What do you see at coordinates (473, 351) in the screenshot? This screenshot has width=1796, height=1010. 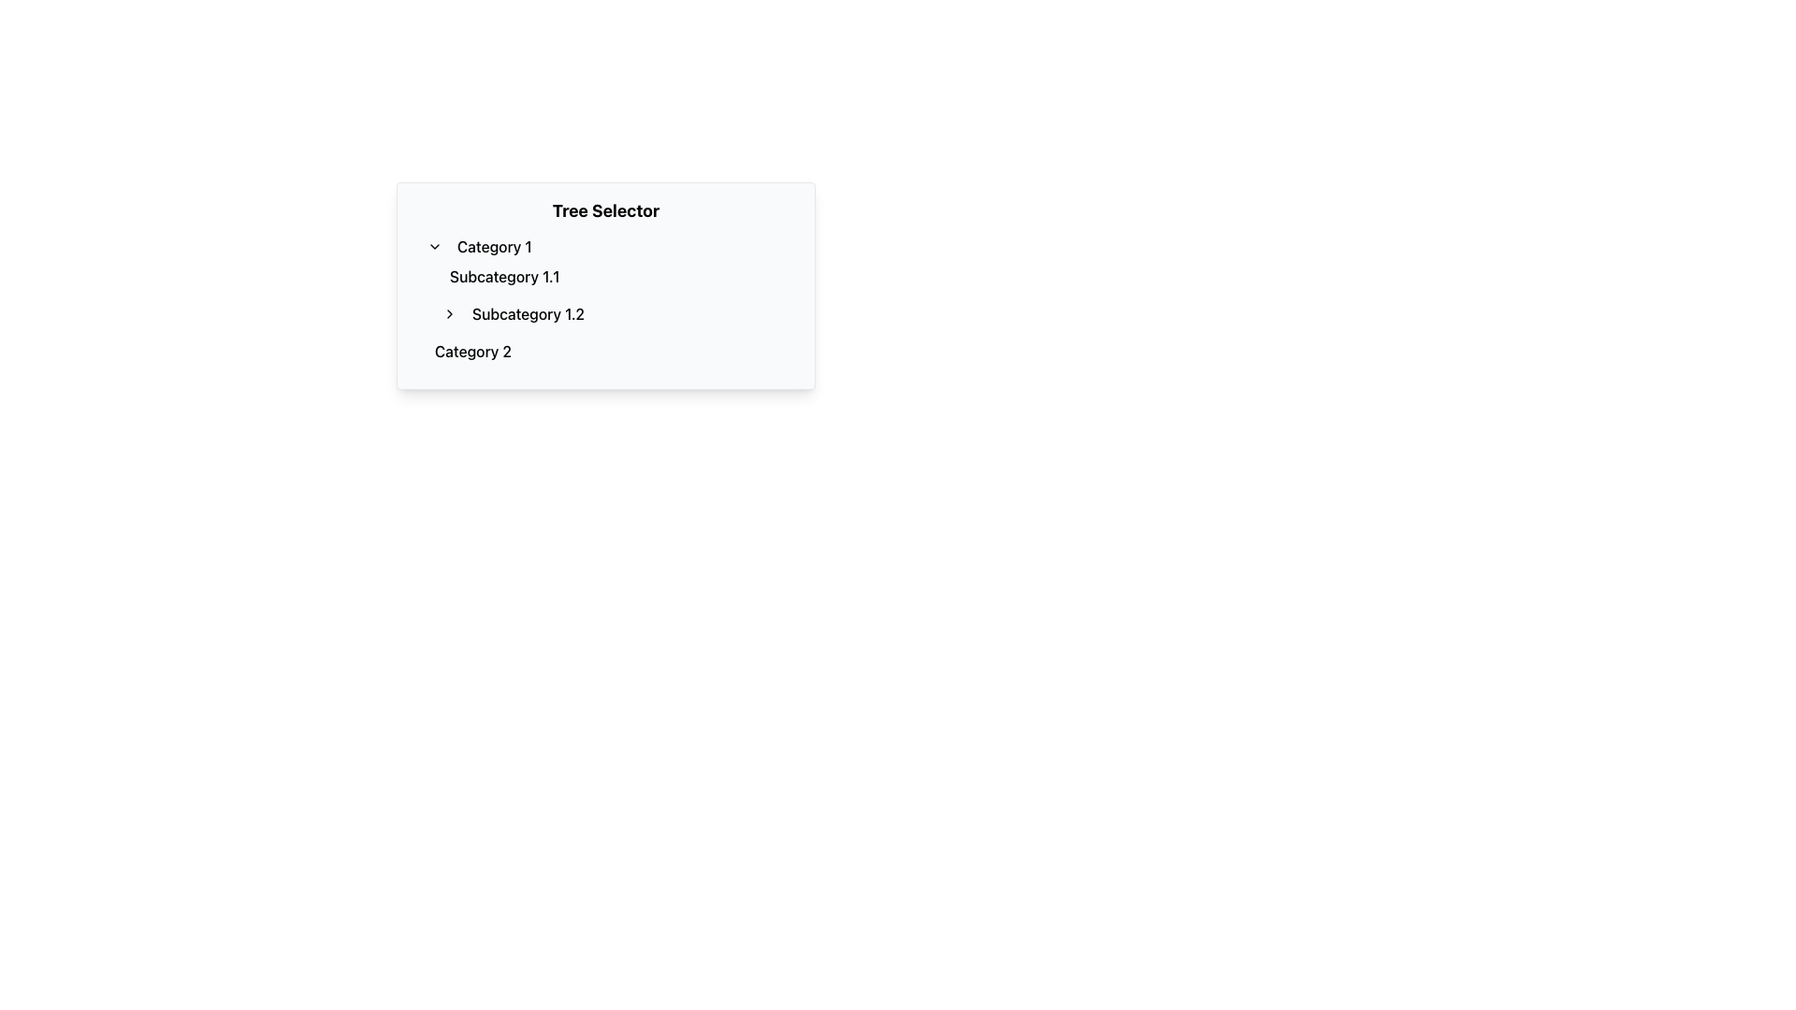 I see `the Text Label representing 'Category 2'` at bounding box center [473, 351].